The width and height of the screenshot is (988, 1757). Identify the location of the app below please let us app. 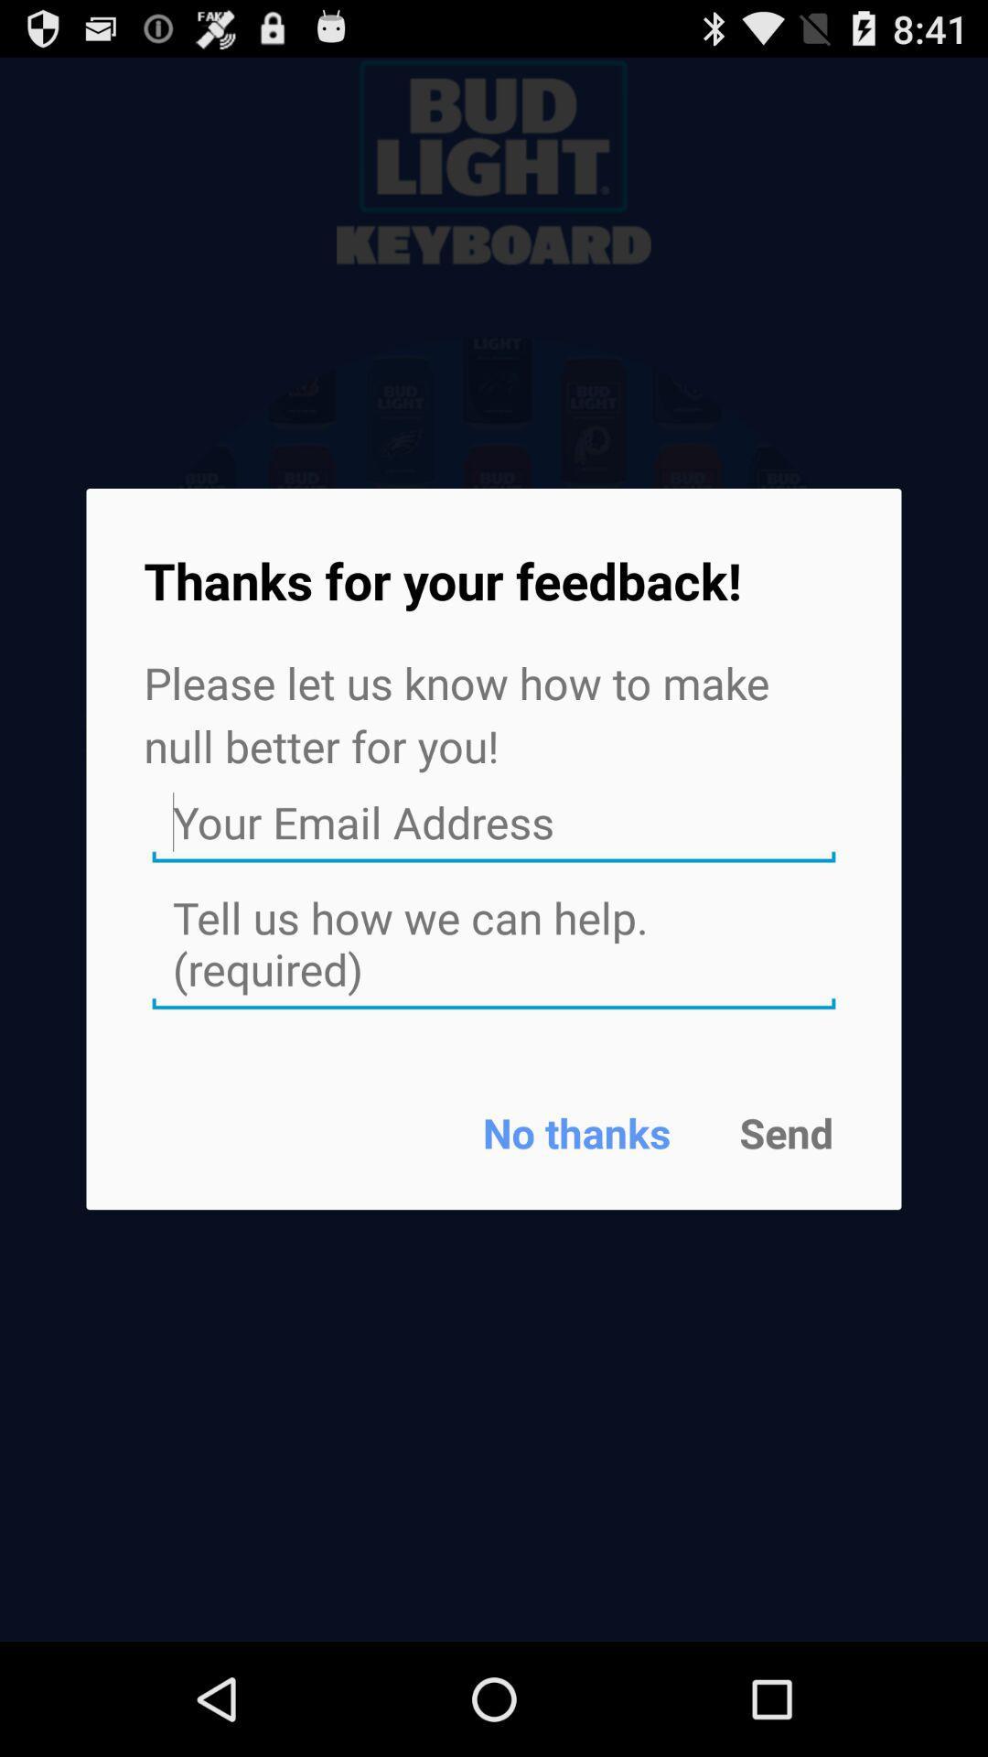
(494, 822).